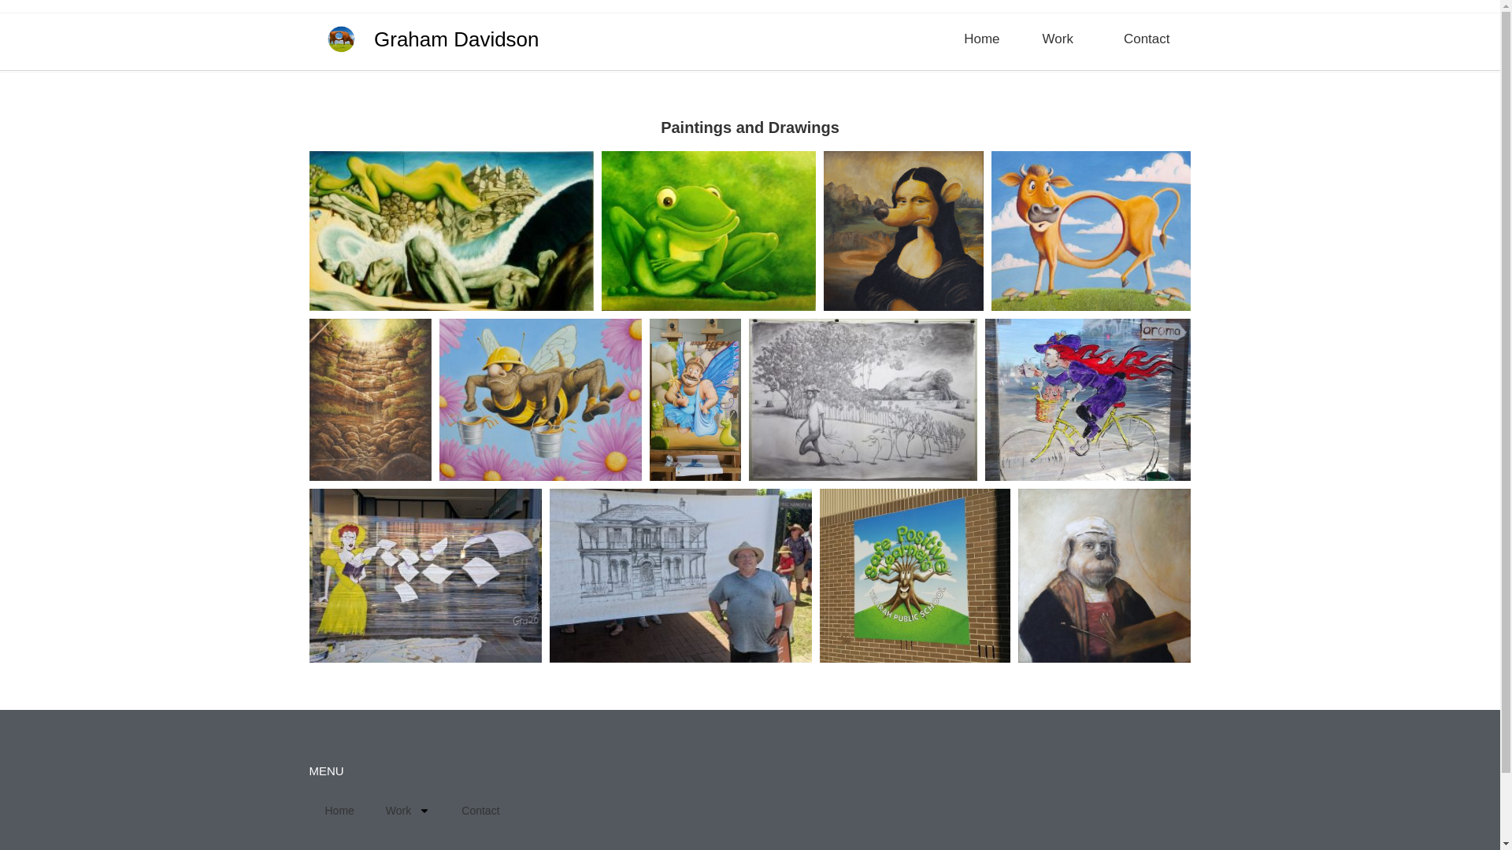 Image resolution: width=1512 pixels, height=850 pixels. Describe the element at coordinates (309, 810) in the screenshot. I see `'Home'` at that location.